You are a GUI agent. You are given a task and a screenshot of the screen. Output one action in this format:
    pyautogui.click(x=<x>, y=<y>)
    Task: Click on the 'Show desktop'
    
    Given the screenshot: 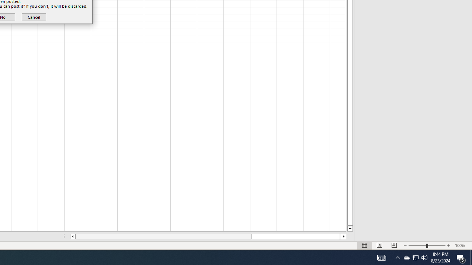 What is the action you would take?
    pyautogui.click(x=461, y=257)
    